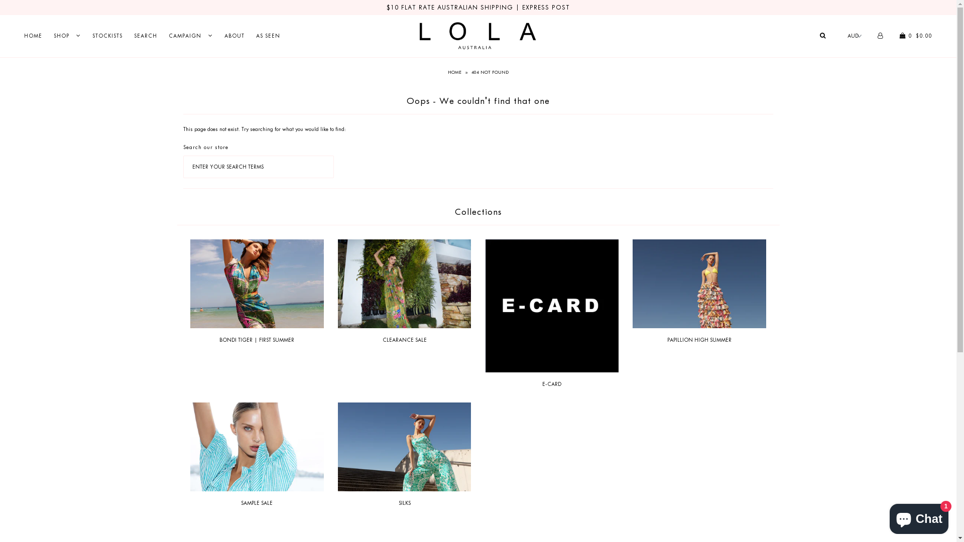  I want to click on 'SHOP', so click(67, 35).